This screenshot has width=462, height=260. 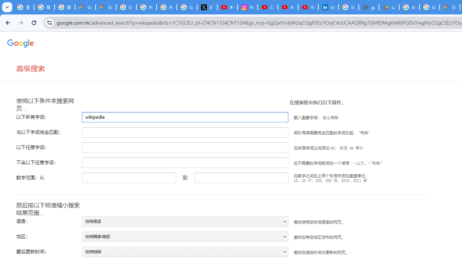 I want to click on 'Google Workspace - Specific Terms', so click(x=430, y=7).